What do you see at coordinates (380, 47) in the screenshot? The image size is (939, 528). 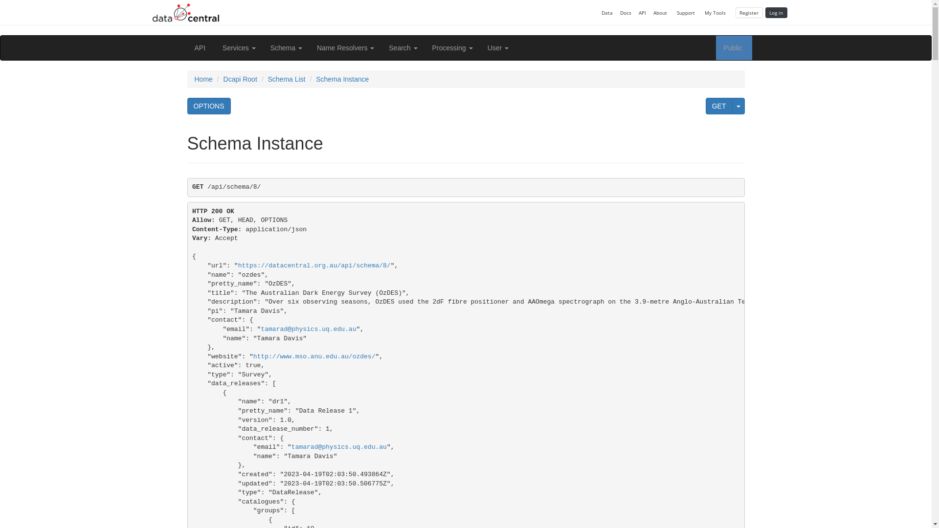 I see `'Search'` at bounding box center [380, 47].